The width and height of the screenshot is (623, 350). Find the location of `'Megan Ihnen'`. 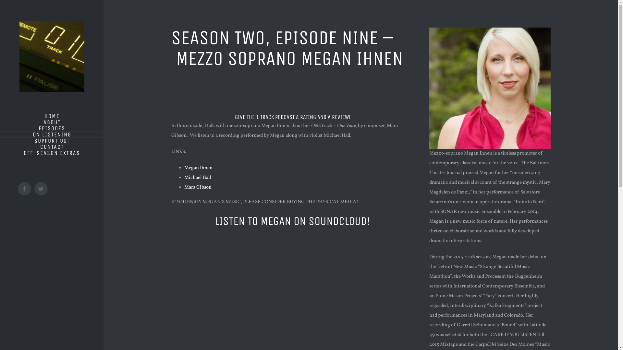

'Megan Ihnen' is located at coordinates (198, 168).